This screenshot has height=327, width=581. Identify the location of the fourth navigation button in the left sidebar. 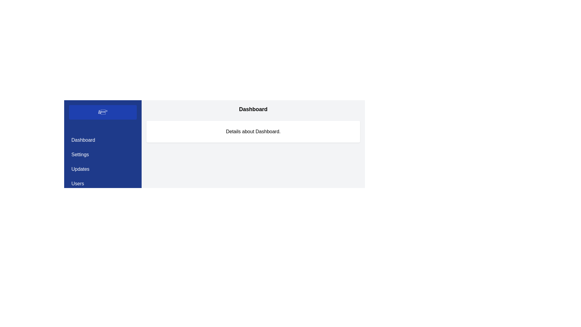
(103, 183).